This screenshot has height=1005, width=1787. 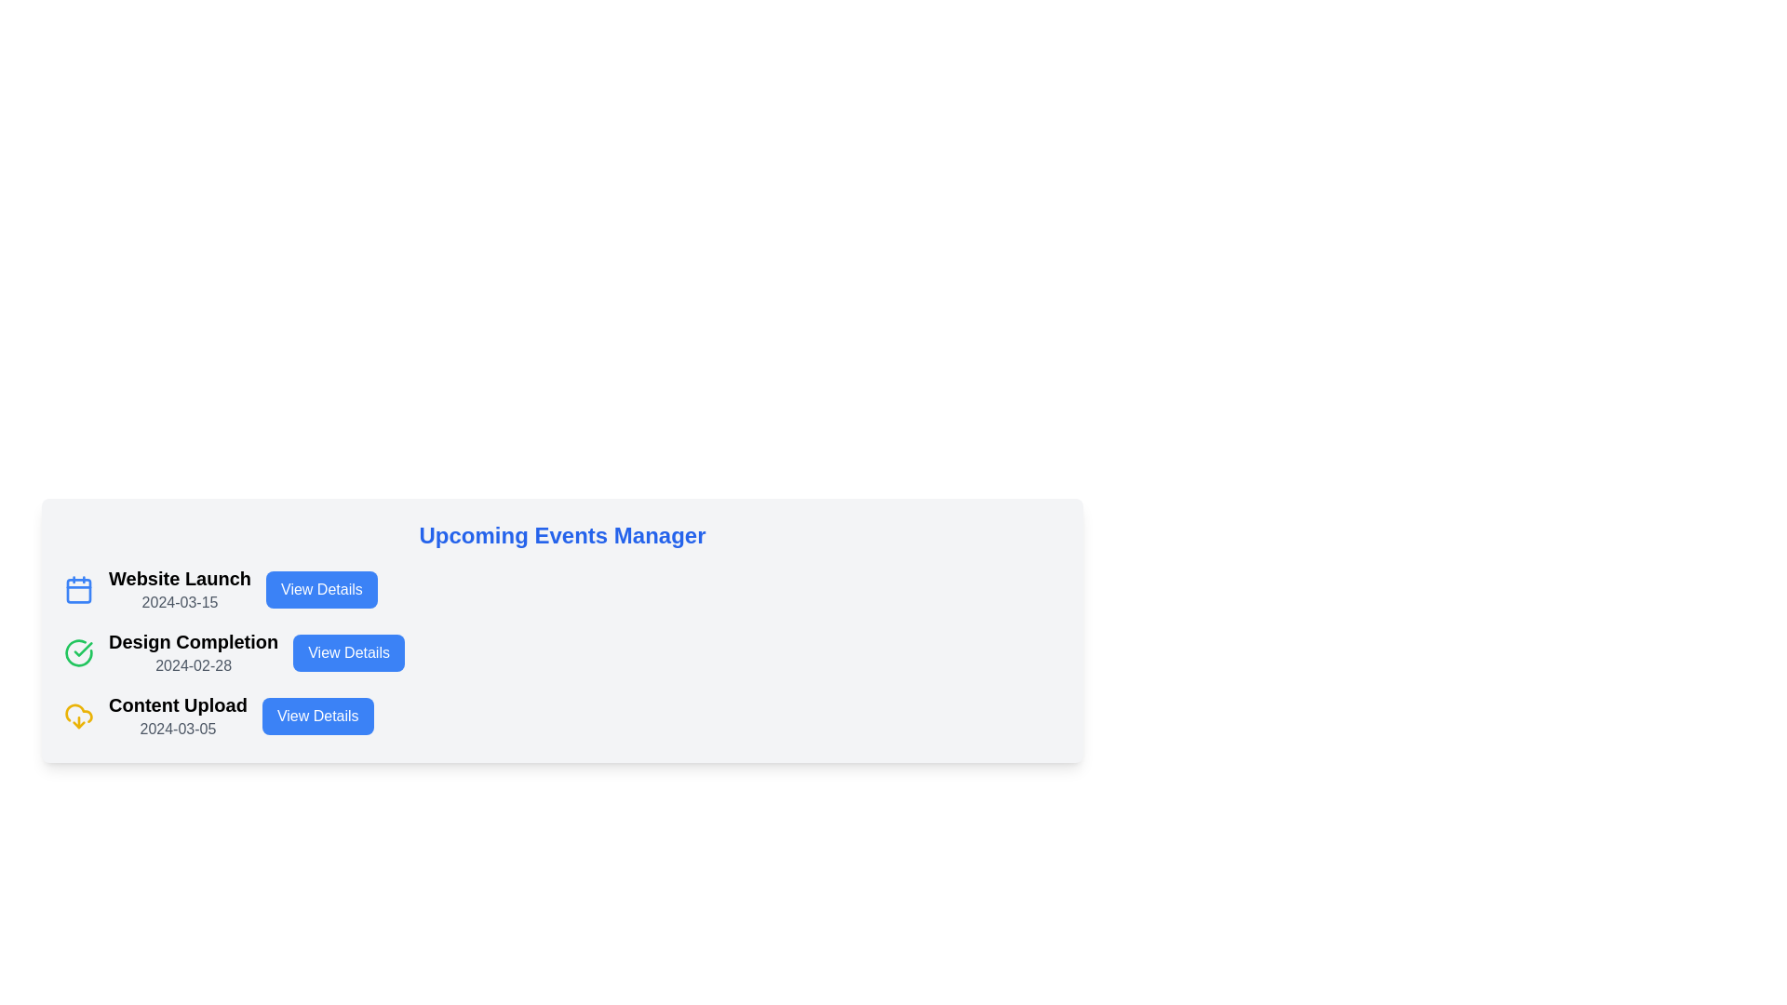 What do you see at coordinates (194, 664) in the screenshot?
I see `the static text displaying the date '2024-02-28', which is located below the label 'Design Completion' and to the left of the 'View Details' button` at bounding box center [194, 664].